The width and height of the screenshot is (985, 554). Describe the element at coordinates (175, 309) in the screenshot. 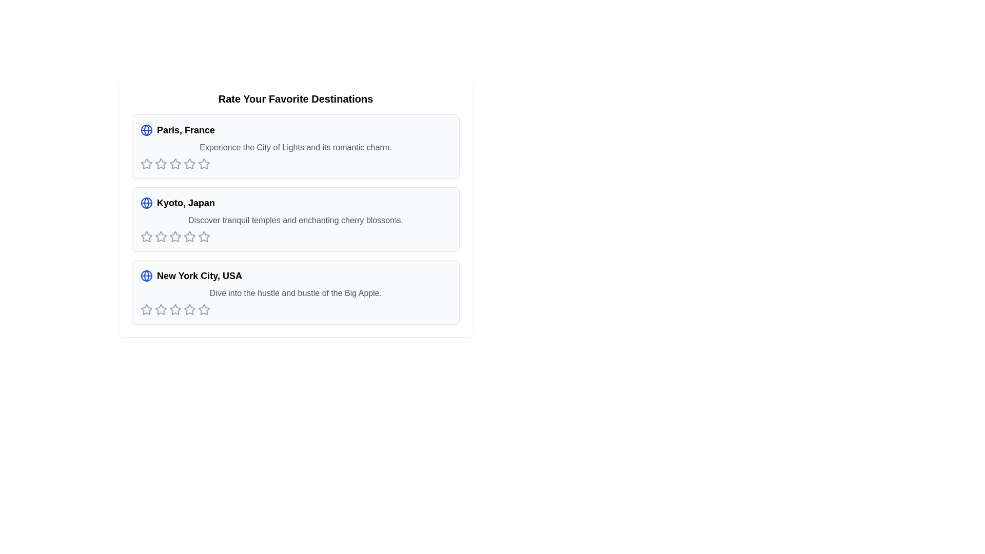

I see `the fourth rating star icon in the 'New York City, USA' section` at that location.